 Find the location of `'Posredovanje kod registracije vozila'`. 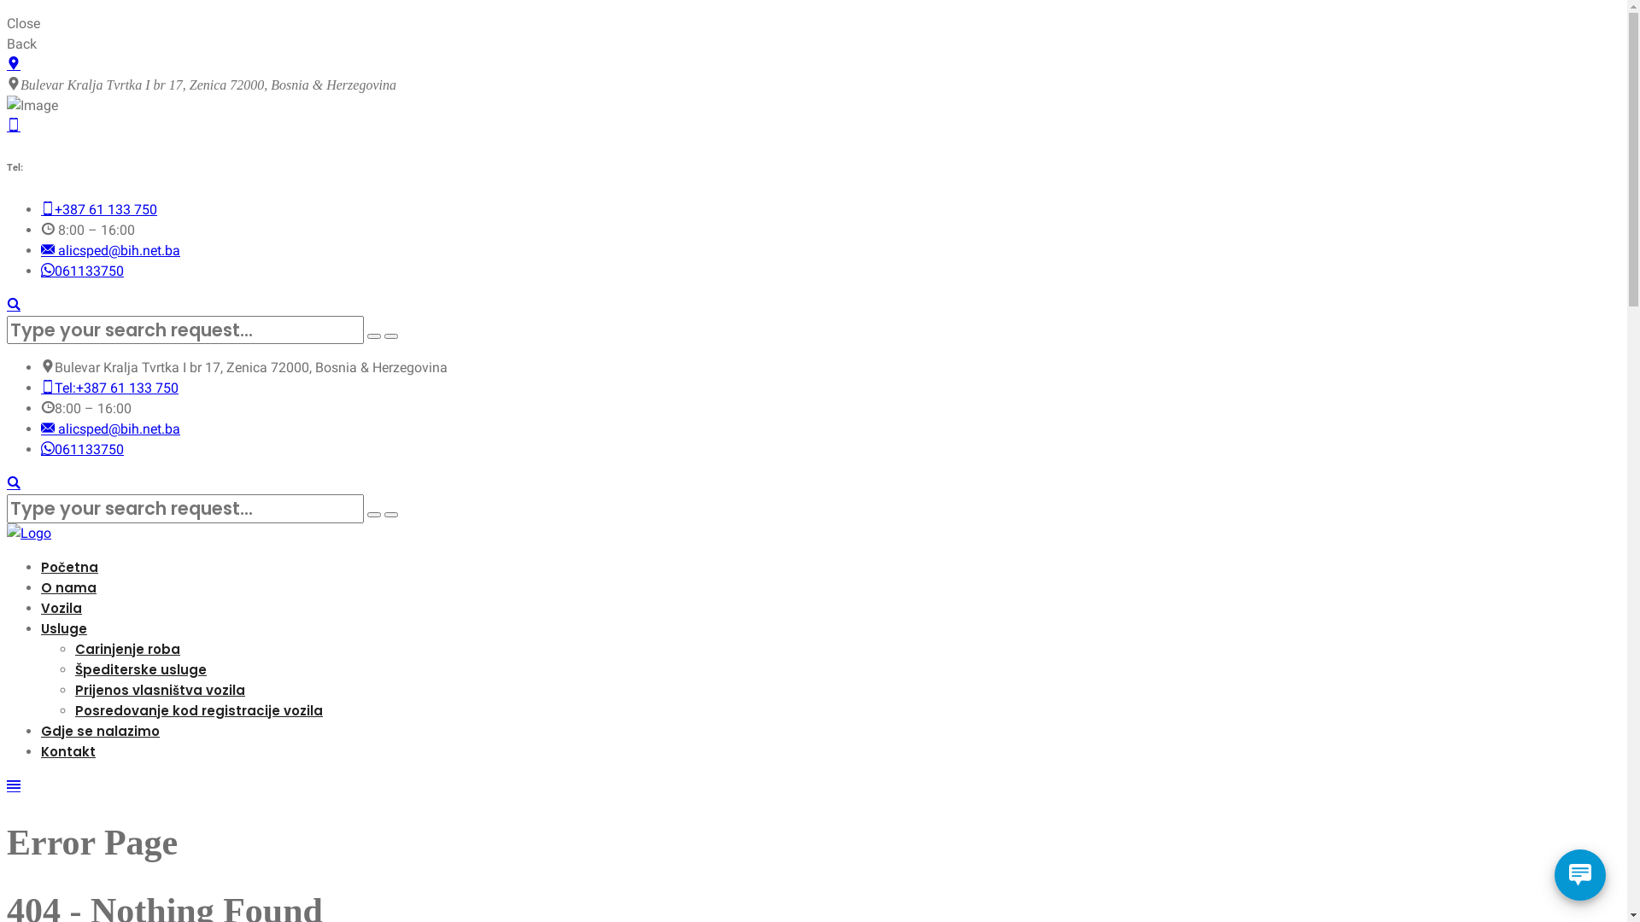

'Posredovanje kod registracije vozila' is located at coordinates (199, 710).